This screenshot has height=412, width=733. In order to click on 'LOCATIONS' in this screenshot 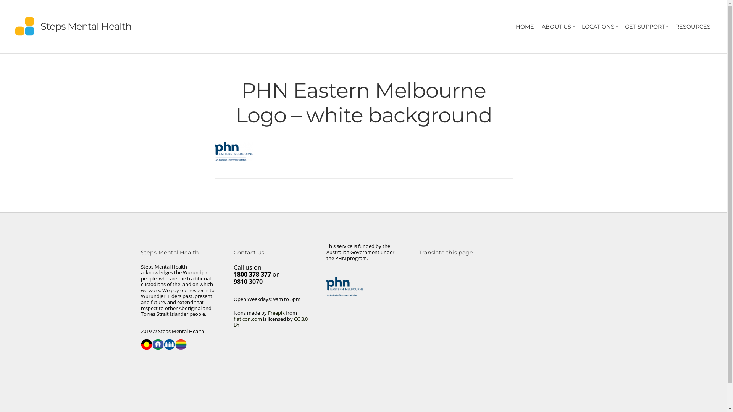, I will do `click(599, 26)`.